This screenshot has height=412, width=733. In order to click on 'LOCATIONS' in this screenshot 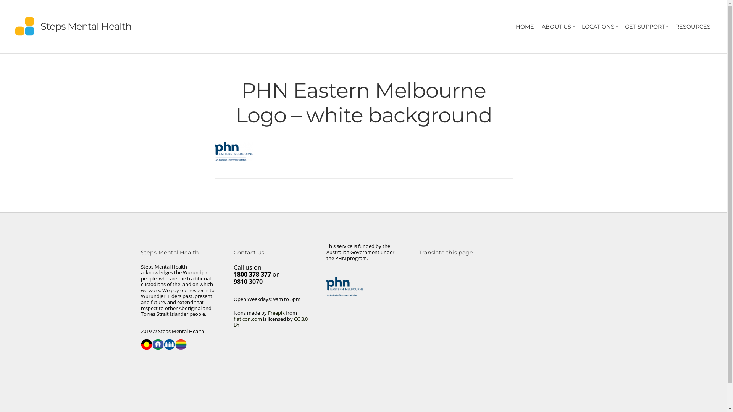, I will do `click(599, 26)`.